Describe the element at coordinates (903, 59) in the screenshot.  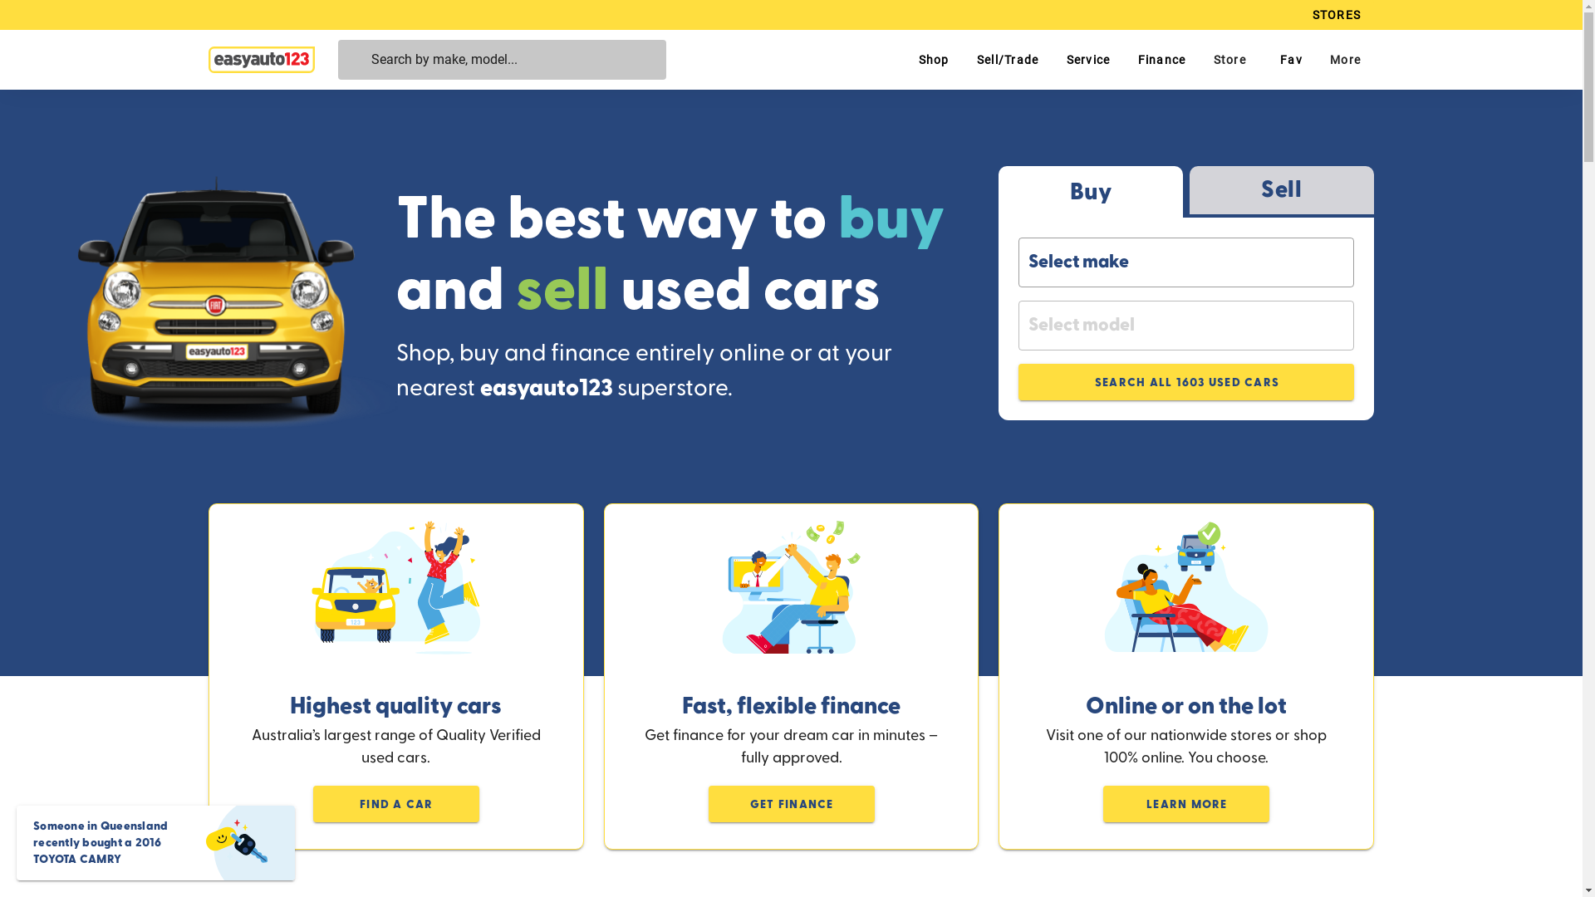
I see `'Shop'` at that location.